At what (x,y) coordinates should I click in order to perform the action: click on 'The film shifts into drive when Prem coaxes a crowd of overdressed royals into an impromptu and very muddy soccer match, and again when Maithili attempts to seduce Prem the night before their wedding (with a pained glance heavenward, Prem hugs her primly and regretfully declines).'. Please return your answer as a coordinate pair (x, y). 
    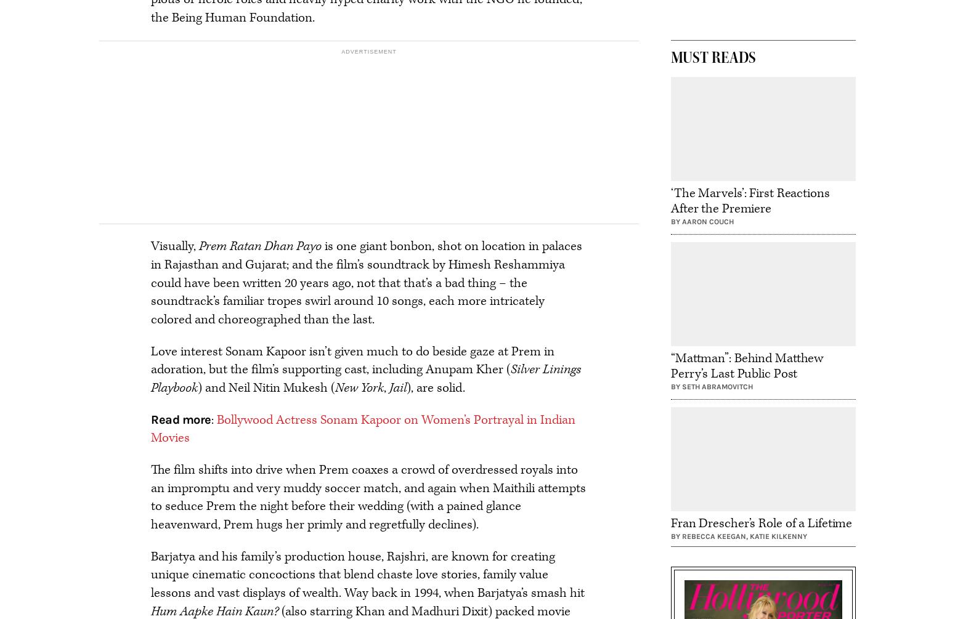
    Looking at the image, I should click on (151, 497).